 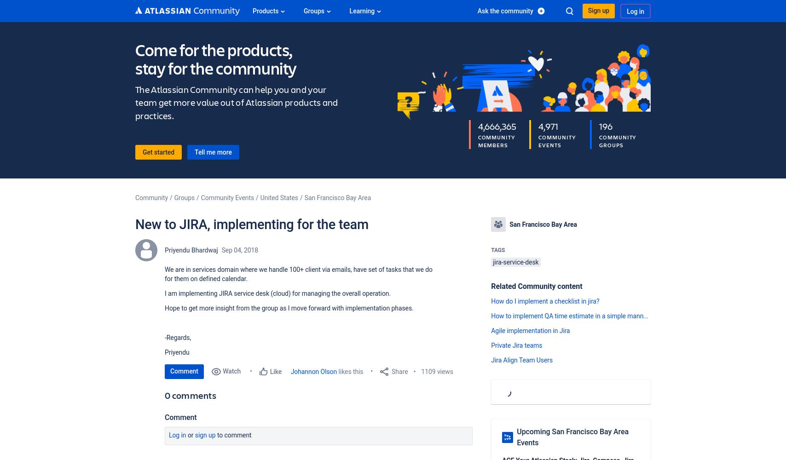 I want to click on 'How to implement QA time estimate in a simple mann...', so click(x=569, y=316).